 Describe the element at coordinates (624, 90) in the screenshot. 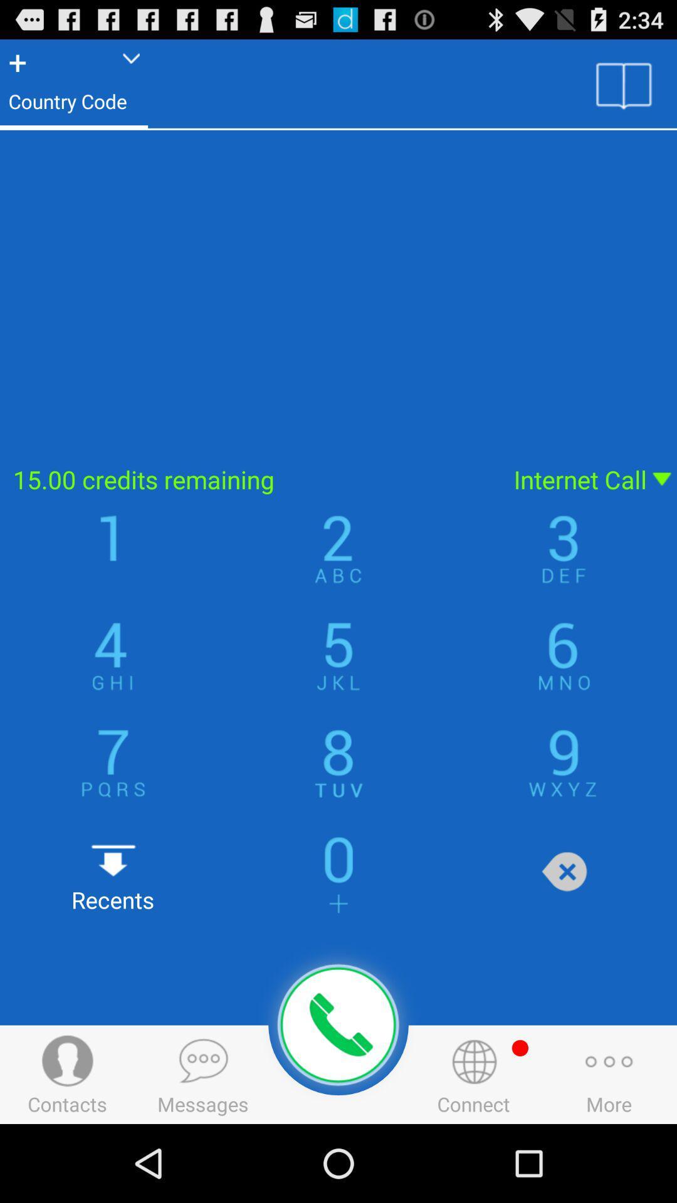

I see `the book icon` at that location.